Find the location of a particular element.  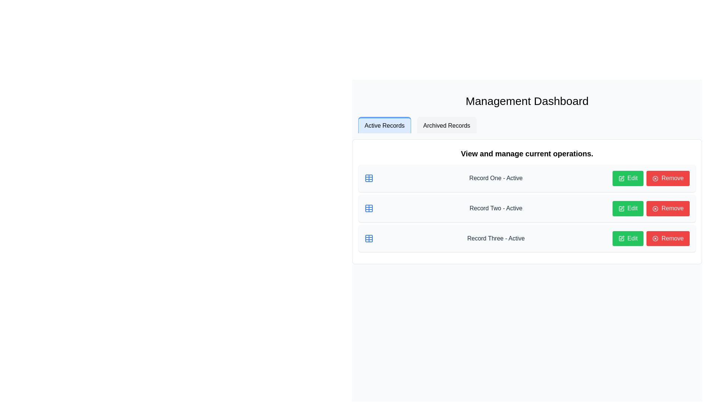

the remove icon located within the red 'Remove' button at the rightmost part of an active record's row in the 'Management Dashboard' to initiate the remove action is located at coordinates (655, 239).